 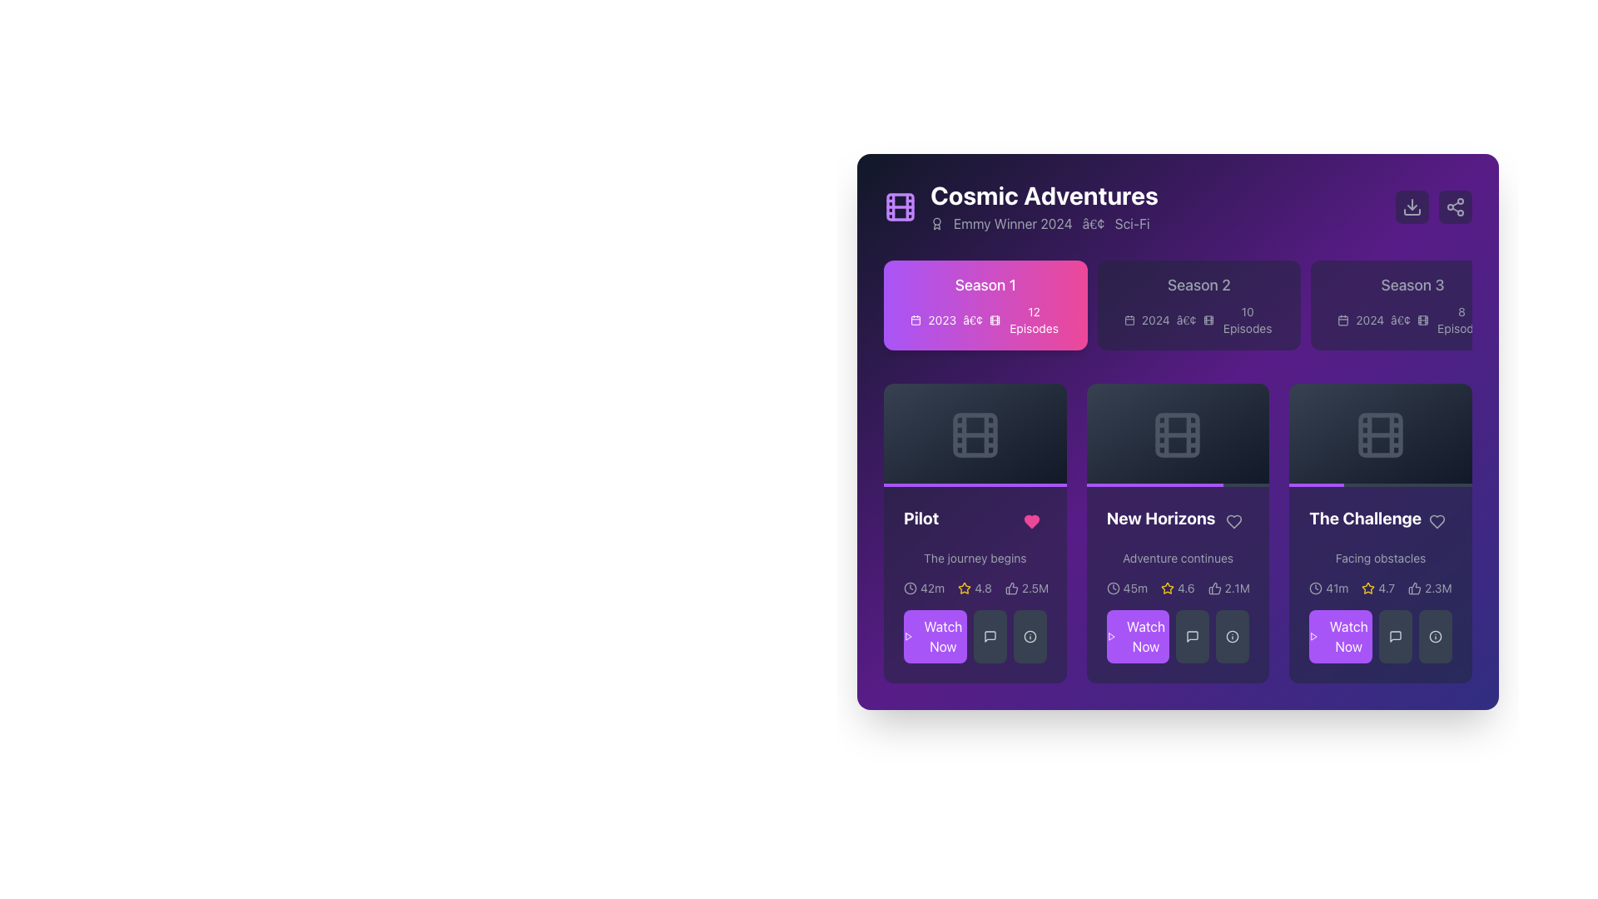 I want to click on the content associated with the title text label located, so click(x=1160, y=517).